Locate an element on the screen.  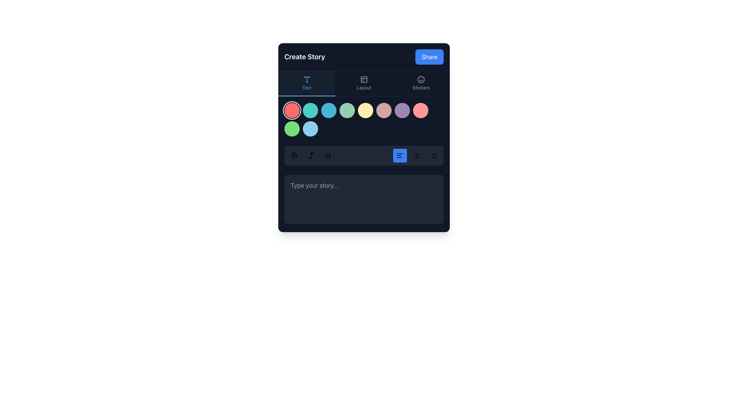
the 'Stickers' label, which is a small text label with a light font style, located beneath a smiley face icon in a right-aligned row of interactive elements is located at coordinates (421, 88).